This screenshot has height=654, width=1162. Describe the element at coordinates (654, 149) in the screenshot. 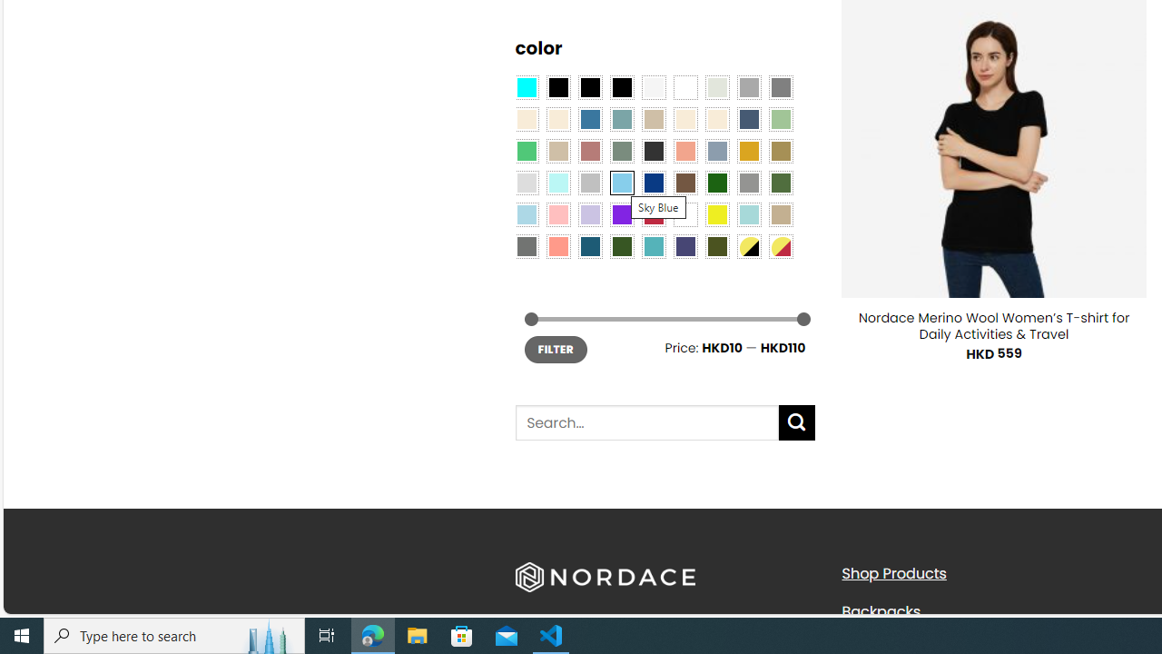

I see `'Charcoal'` at that location.